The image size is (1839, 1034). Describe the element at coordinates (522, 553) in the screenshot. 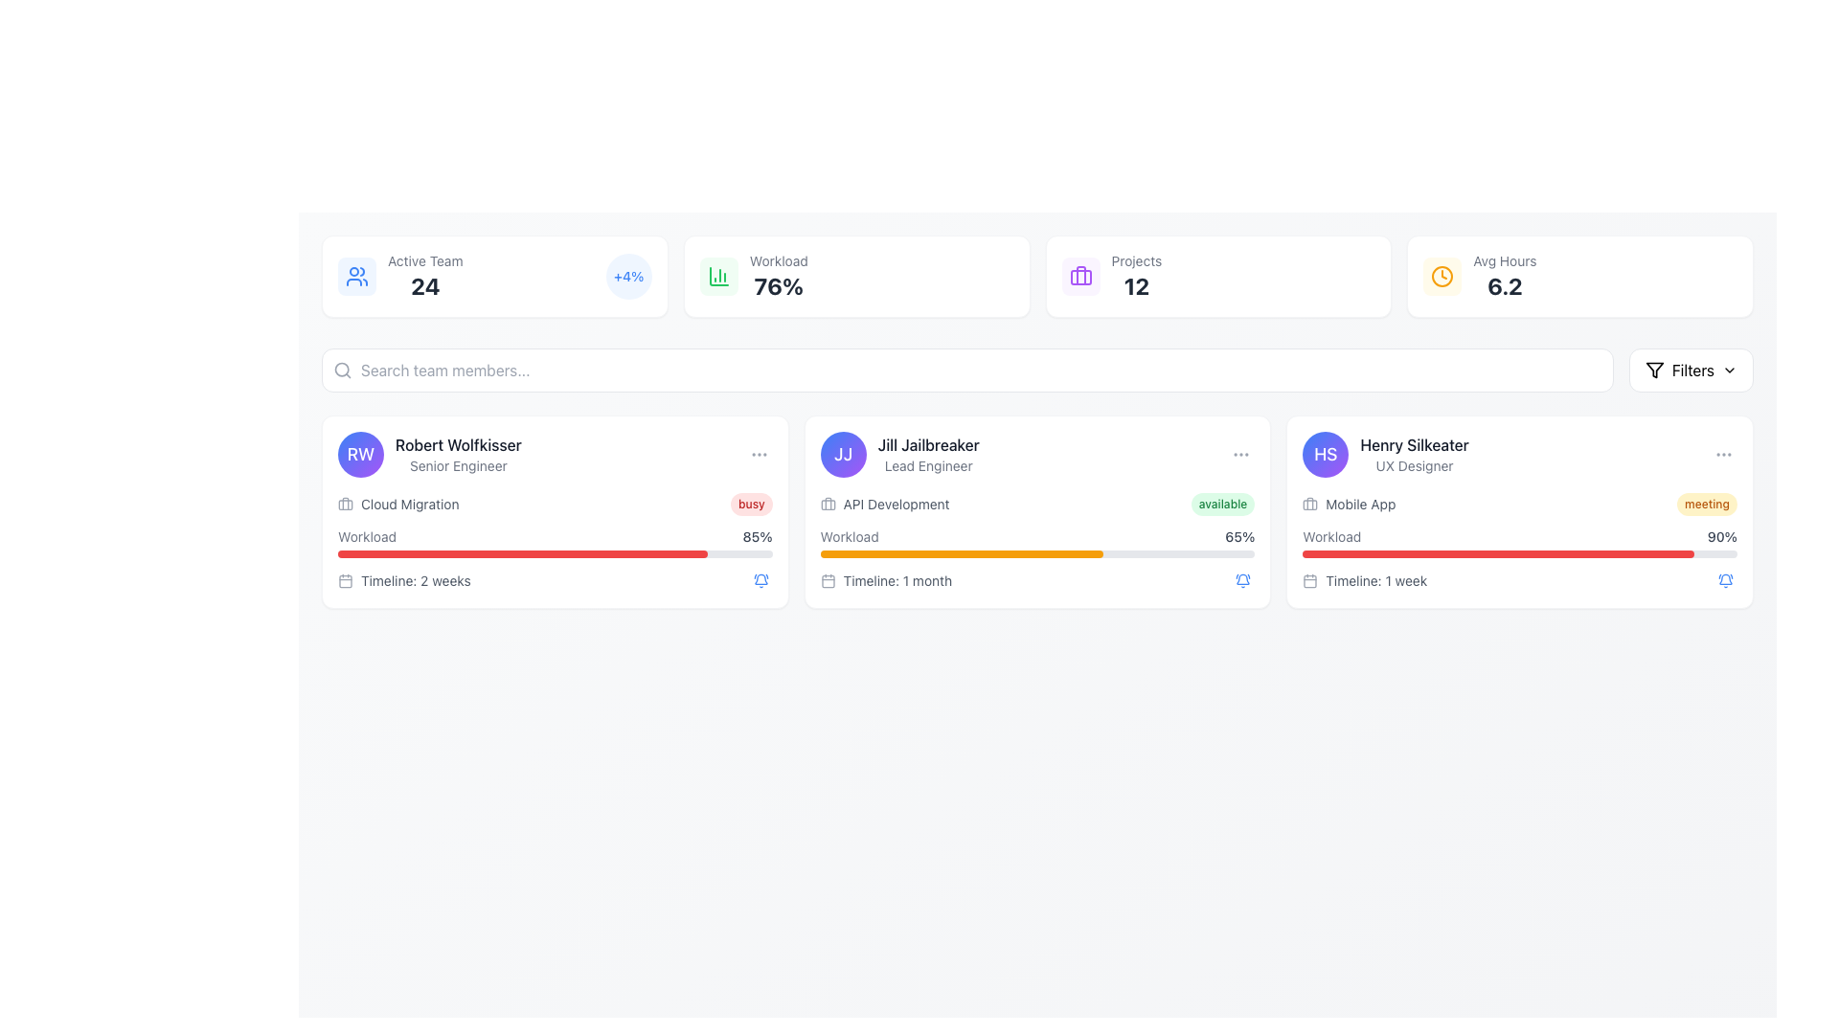

I see `the progress bar styled with a red fill color located beneath the text 'Workload: 85%' in the card labeled 'Robert Wolfkisser - Senior Engineer'` at that location.